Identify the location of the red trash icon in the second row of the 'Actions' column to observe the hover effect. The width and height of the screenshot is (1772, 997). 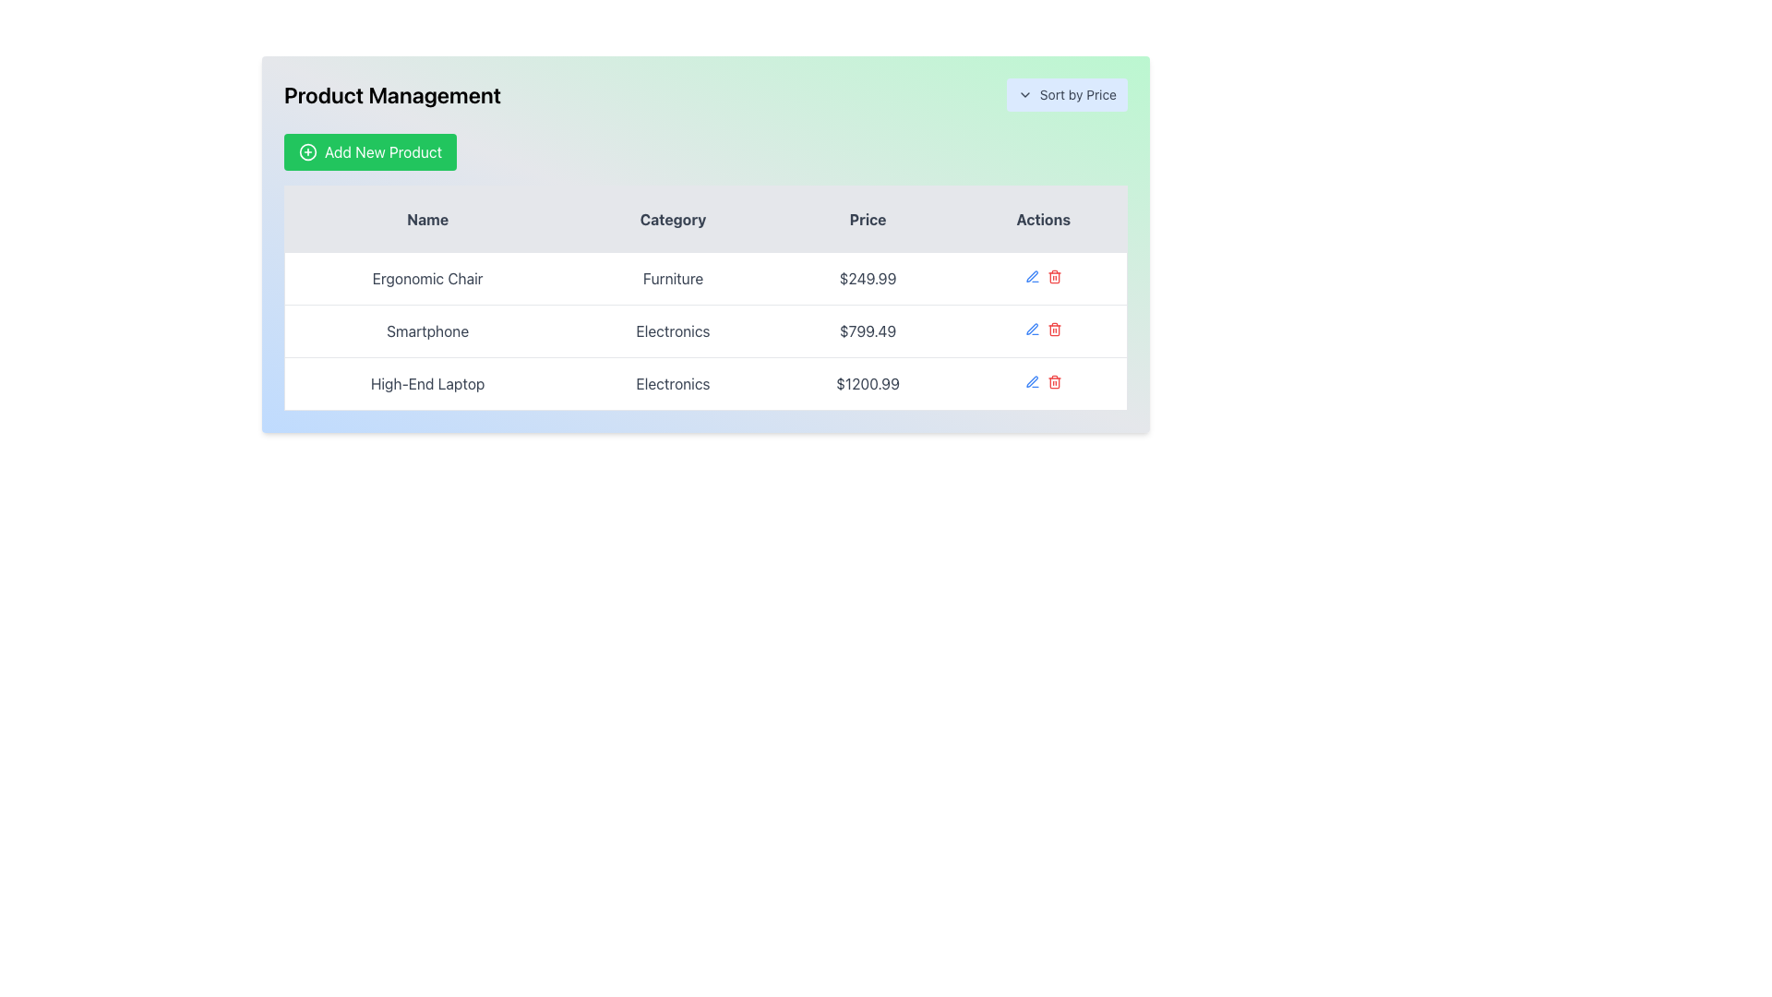
(1054, 329).